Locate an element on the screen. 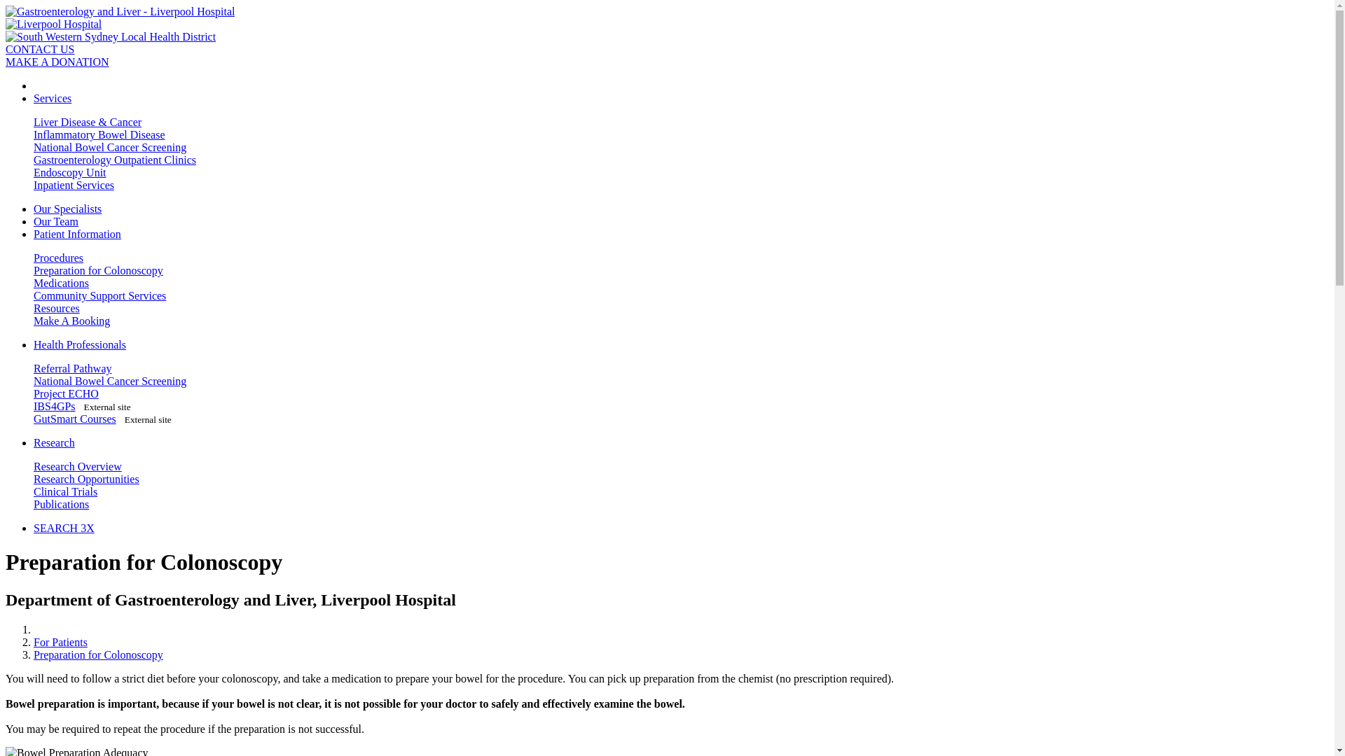 This screenshot has height=756, width=1345. 'MAKE A DONATION' is located at coordinates (56, 61).